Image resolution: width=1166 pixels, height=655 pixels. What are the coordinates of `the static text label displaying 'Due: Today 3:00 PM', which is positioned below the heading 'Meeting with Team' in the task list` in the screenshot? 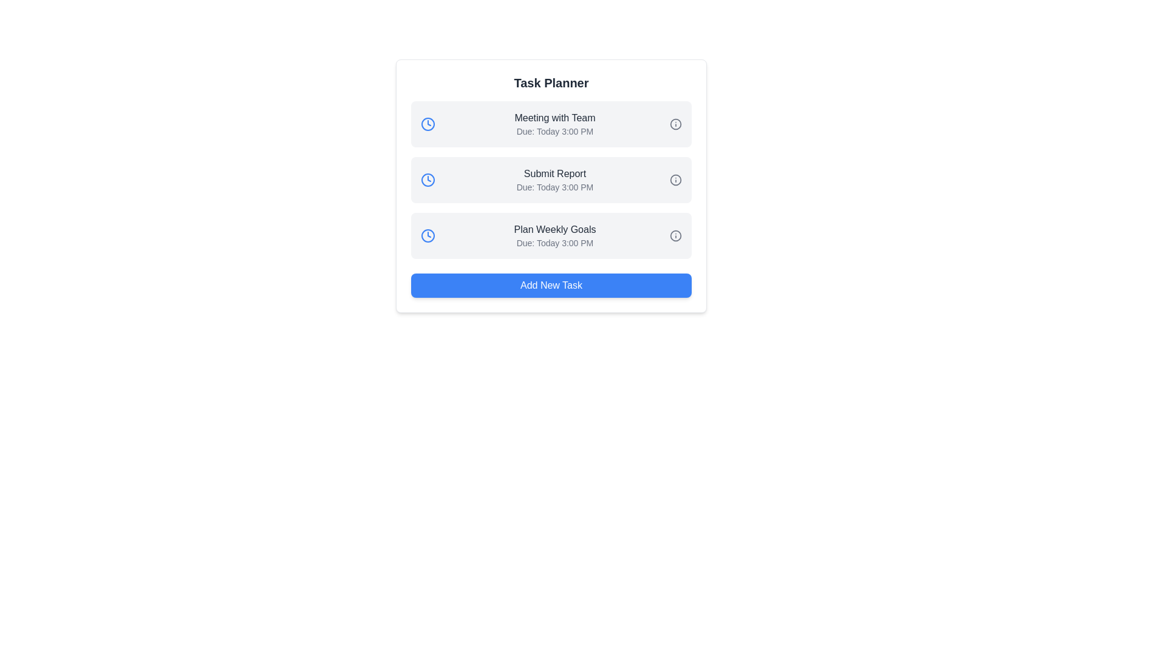 It's located at (554, 131).